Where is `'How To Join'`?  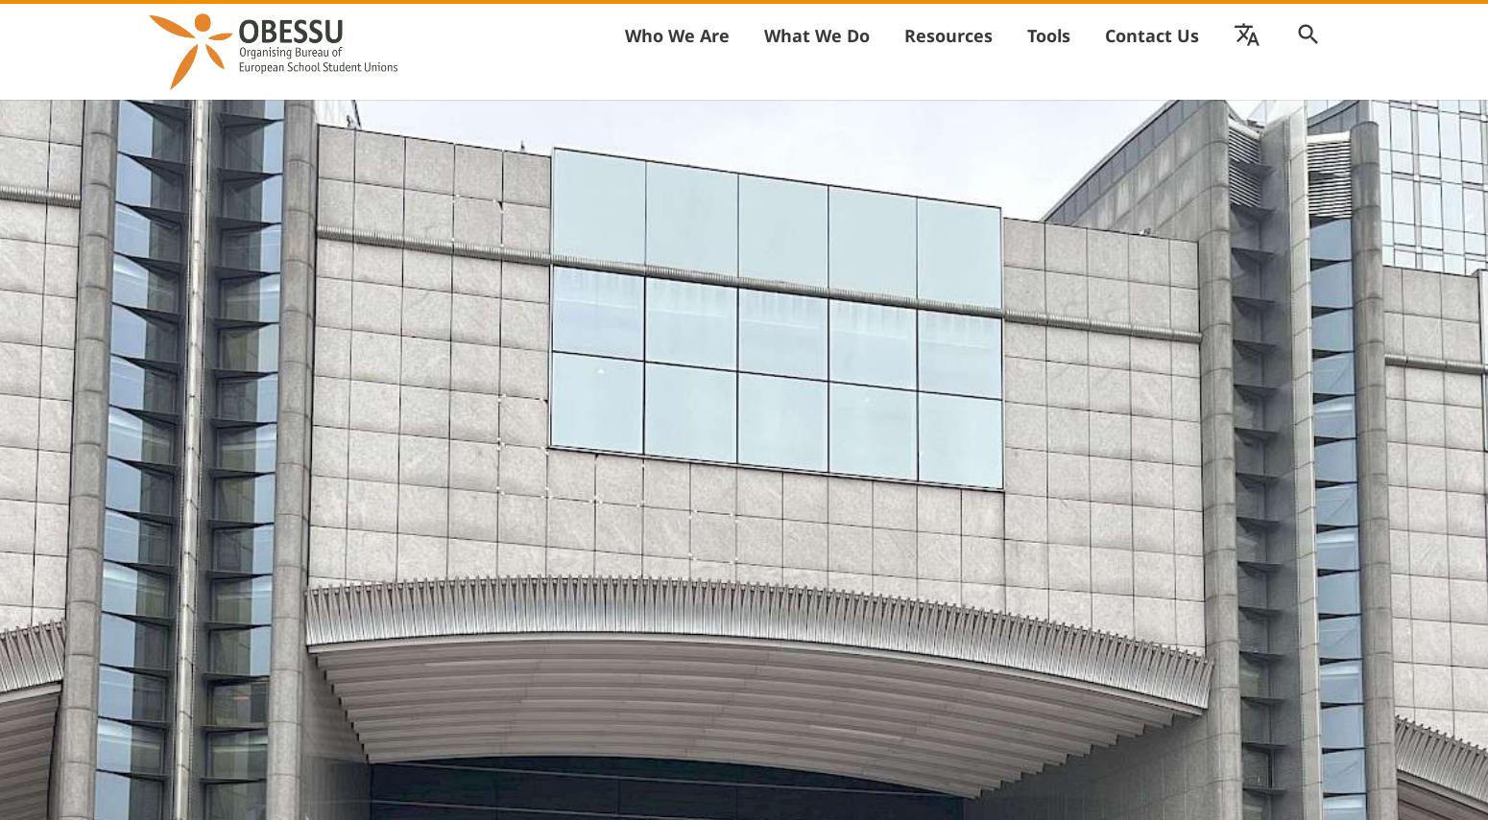 'How To Join' is located at coordinates (828, 78).